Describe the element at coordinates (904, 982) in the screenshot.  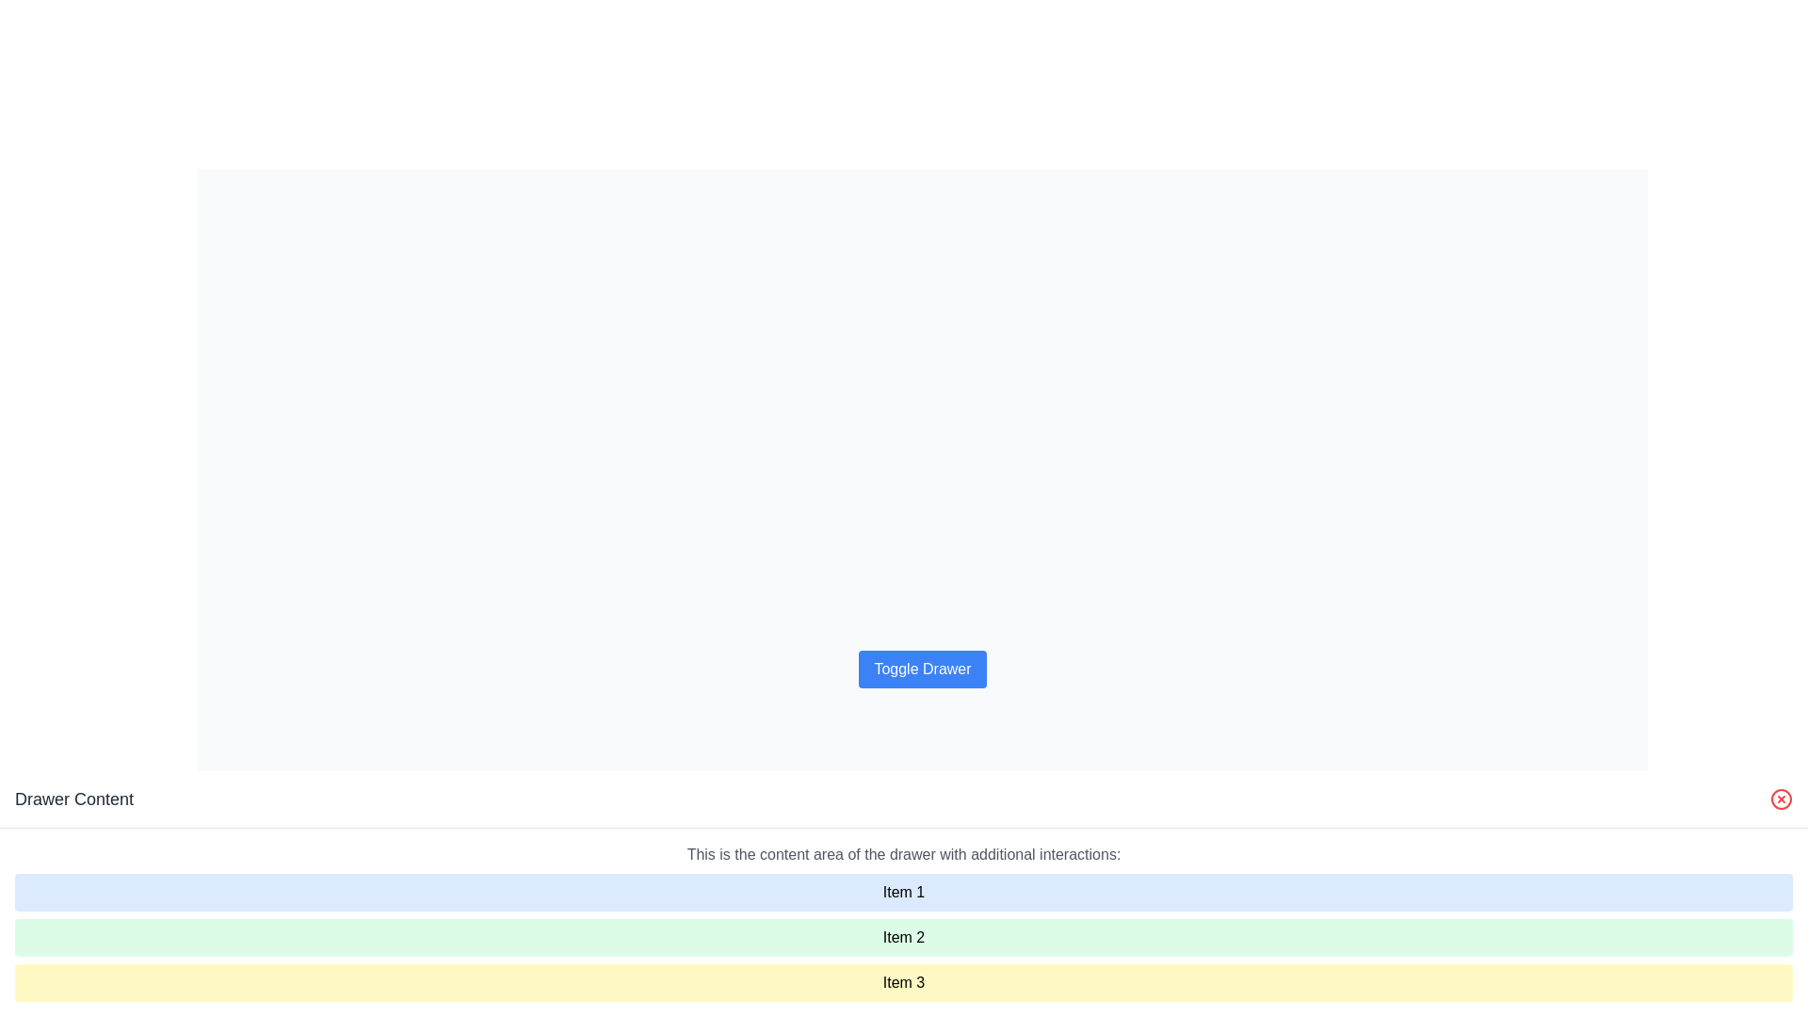
I see `the third and bottommost List item that displays the text 'Item 3' in a vertical list` at that location.